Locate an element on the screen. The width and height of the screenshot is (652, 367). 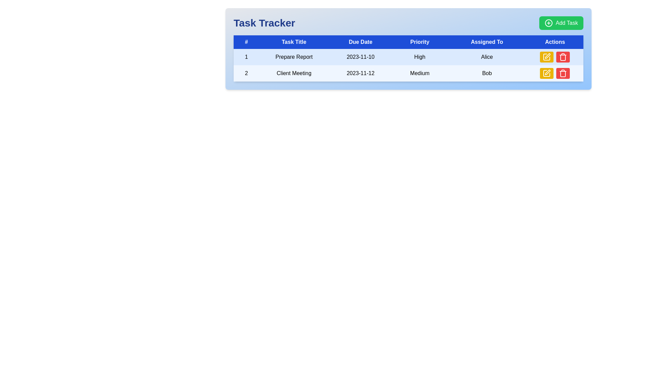
the text field displaying 'Bob' in the 'Assigned To' column of the second row in the table is located at coordinates (487, 73).